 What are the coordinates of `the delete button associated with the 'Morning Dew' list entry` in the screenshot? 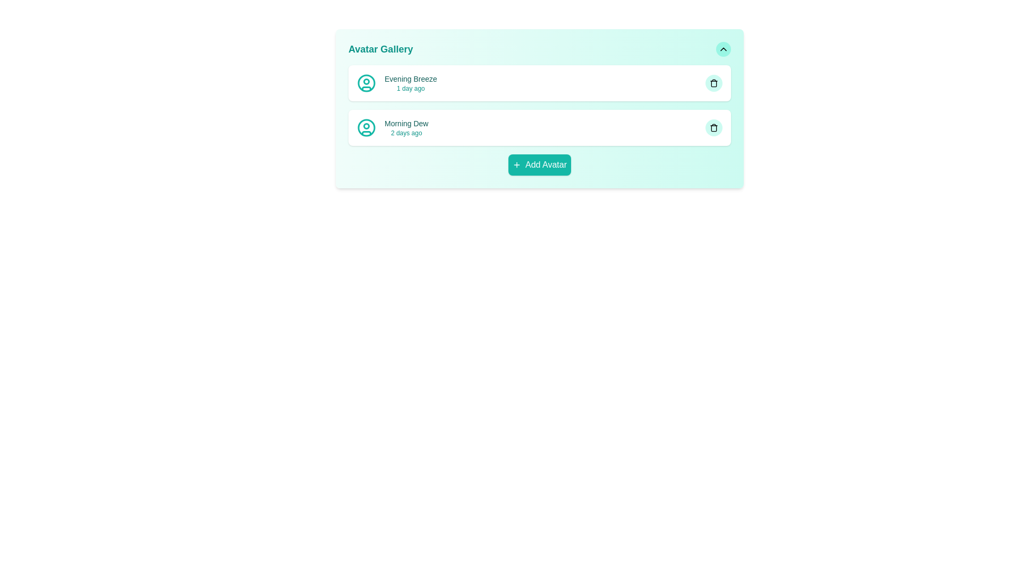 It's located at (714, 127).